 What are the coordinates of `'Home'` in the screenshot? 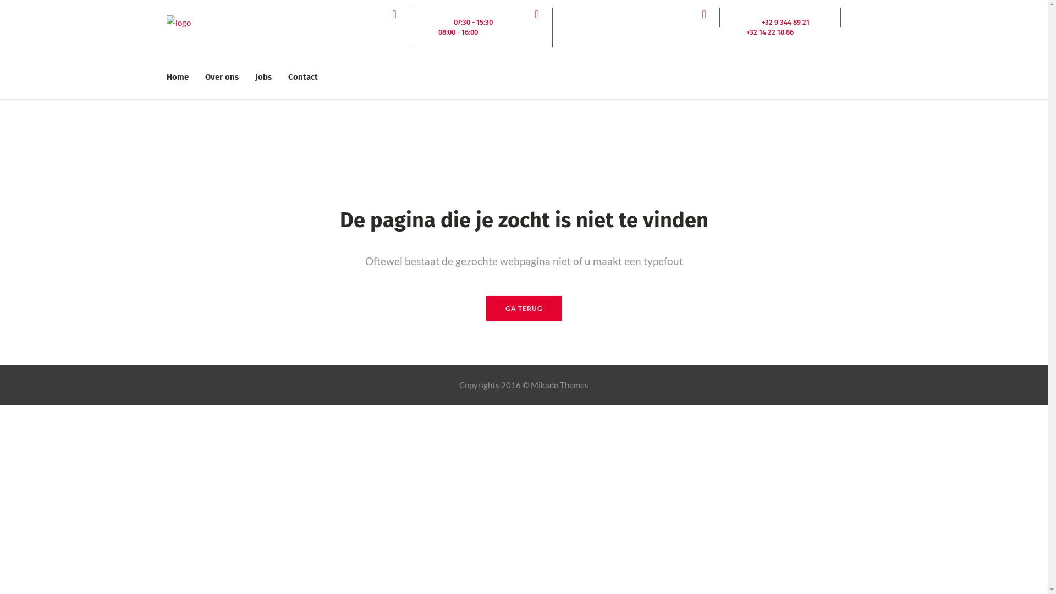 It's located at (181, 76).